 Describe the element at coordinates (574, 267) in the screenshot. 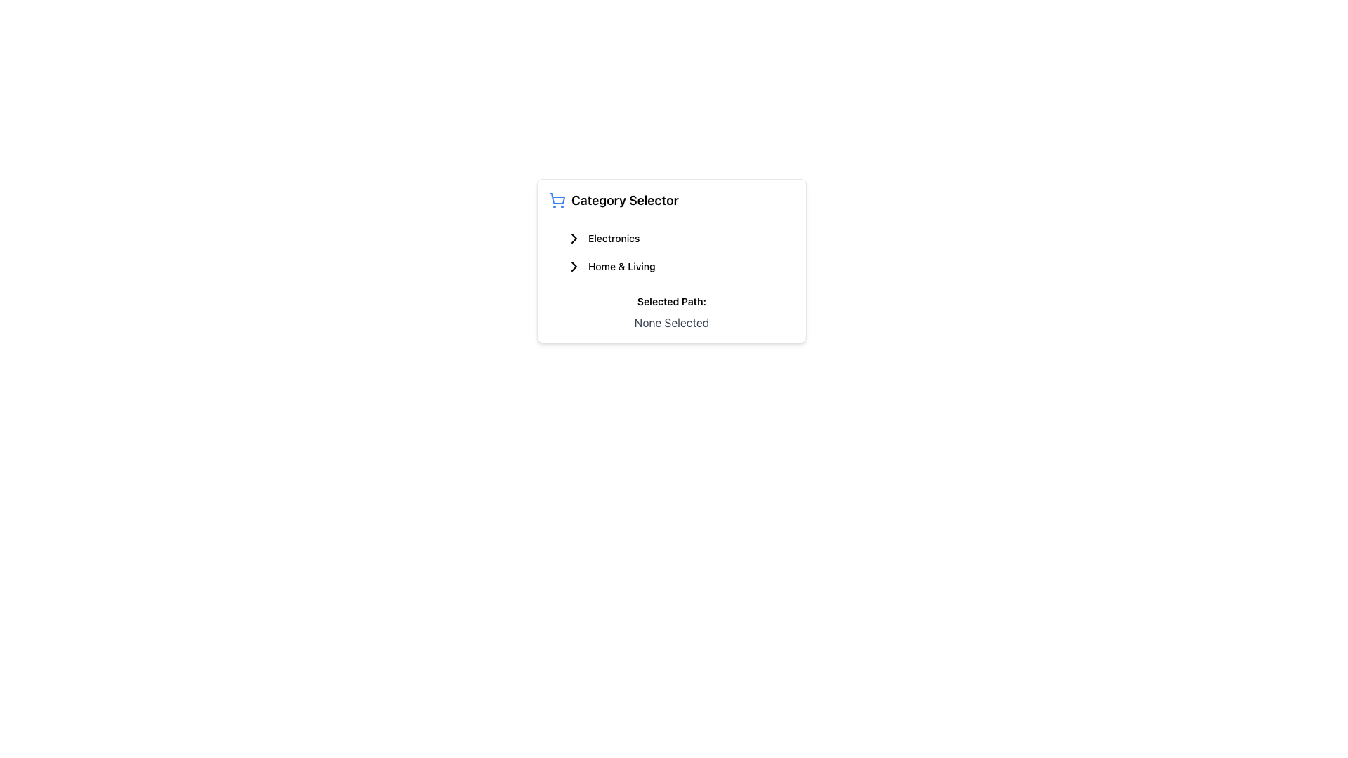

I see `the right-facing chevron icon, which is styled with a black stroke and empty fill, located to the left of the 'Home & Living' text` at that location.